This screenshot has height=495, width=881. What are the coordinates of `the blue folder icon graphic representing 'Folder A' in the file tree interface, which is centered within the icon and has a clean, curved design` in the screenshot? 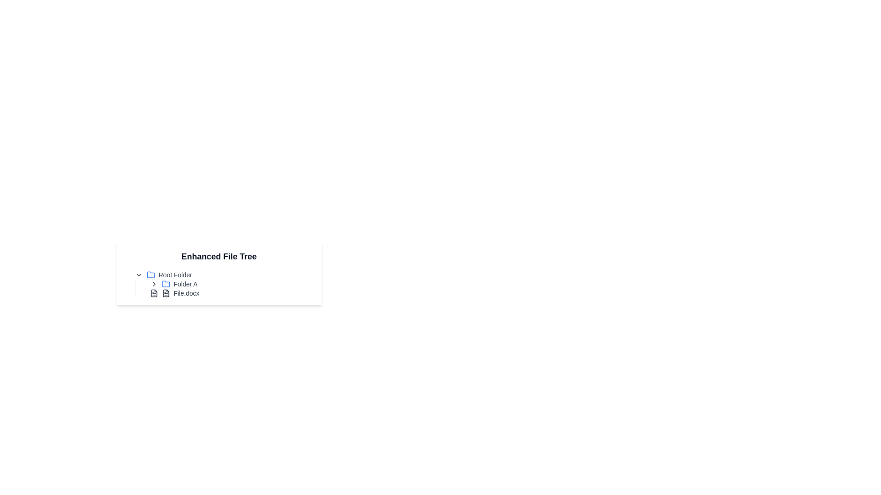 It's located at (166, 283).